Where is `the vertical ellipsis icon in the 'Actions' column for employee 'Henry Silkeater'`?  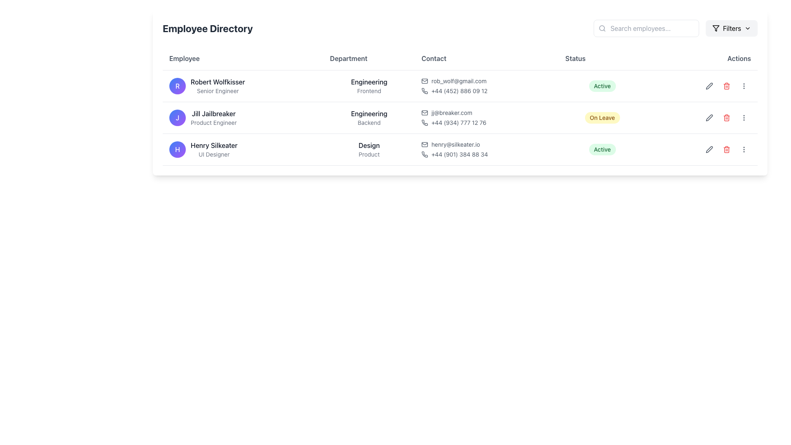
the vertical ellipsis icon in the 'Actions' column for employee 'Henry Silkeater' is located at coordinates (744, 86).